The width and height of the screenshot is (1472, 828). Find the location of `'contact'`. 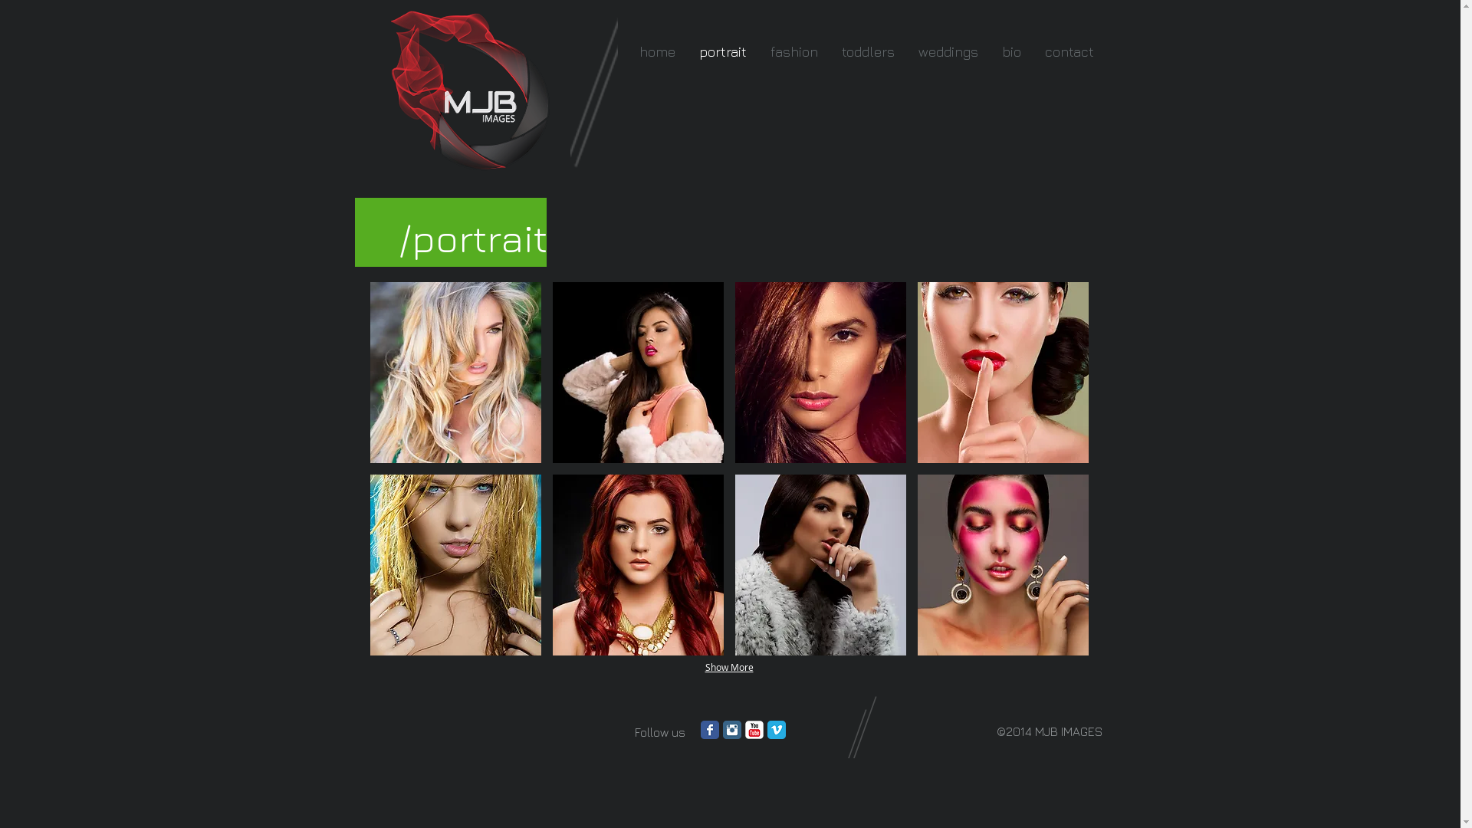

'contact' is located at coordinates (1067, 51).